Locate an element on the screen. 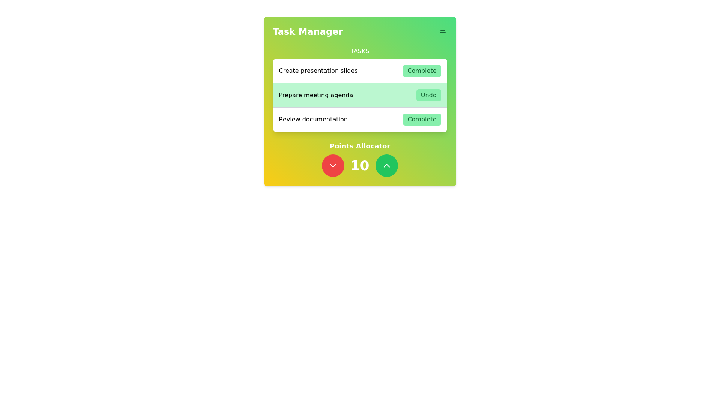  the 'Points Allocator' text label, which is styled in bold white font on a gradient background and is located near the bottom of the 'Task Manager' card, above a numeric display is located at coordinates (359, 146).